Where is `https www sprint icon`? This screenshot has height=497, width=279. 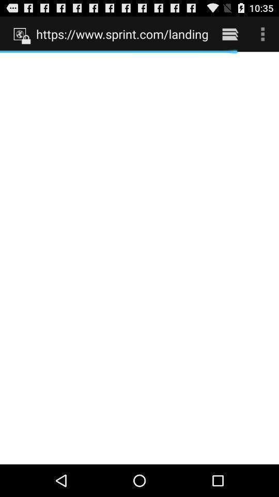 https www sprint icon is located at coordinates (121, 34).